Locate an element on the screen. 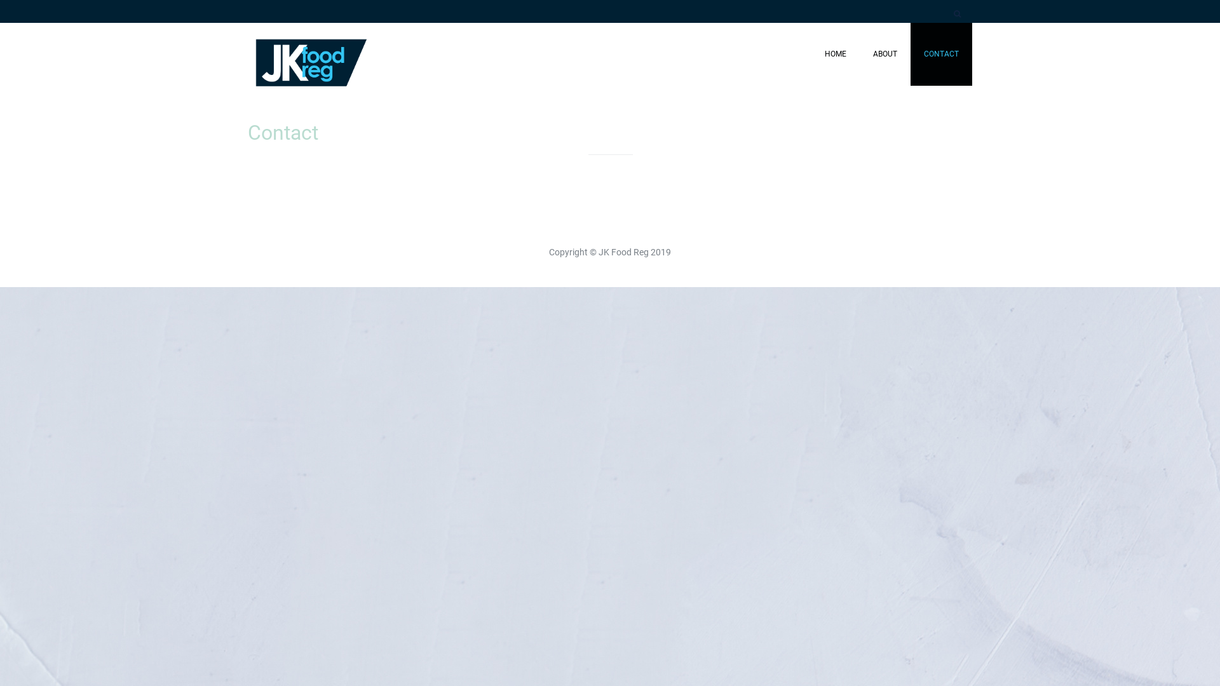  'ABOUT' is located at coordinates (860, 53).